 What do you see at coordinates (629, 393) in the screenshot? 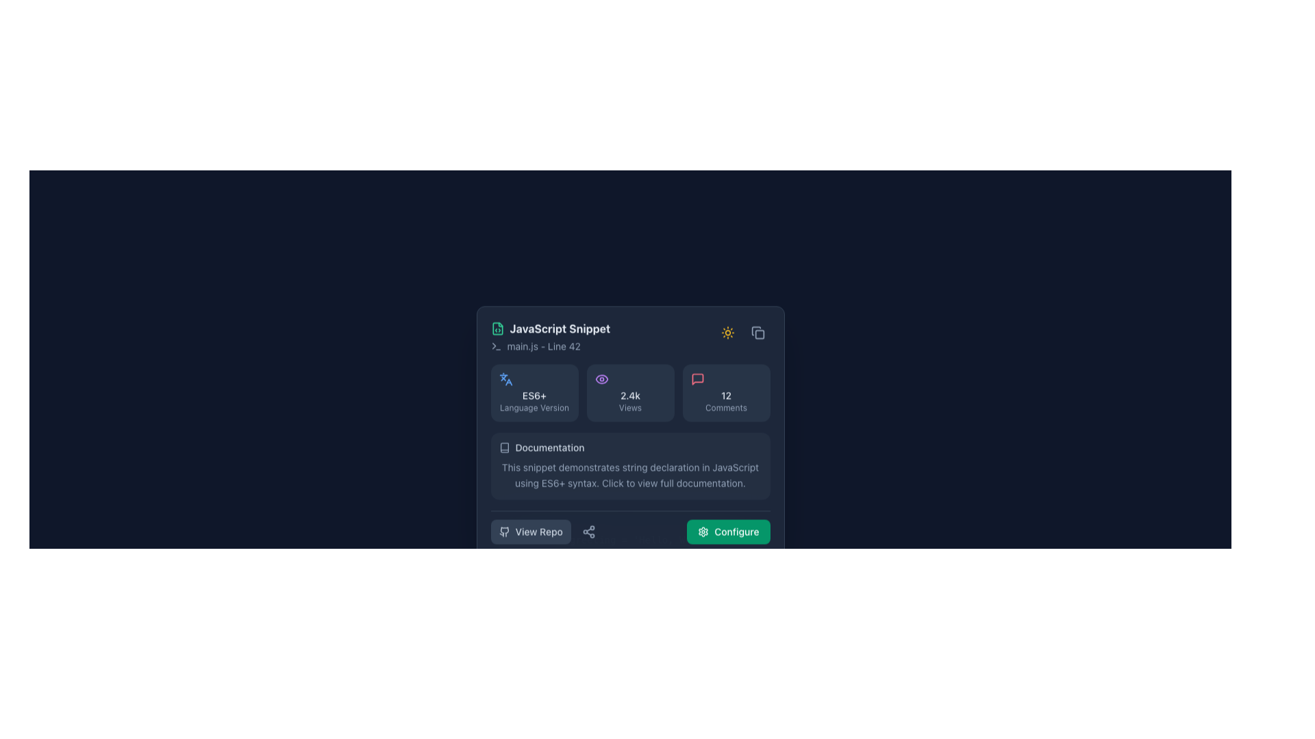
I see `the view count represented by the Display card showing '2.4k Views' with an eye icon, centrally located in the middle column between 'ES6+ Language Version' and '12 Comments'` at bounding box center [629, 393].